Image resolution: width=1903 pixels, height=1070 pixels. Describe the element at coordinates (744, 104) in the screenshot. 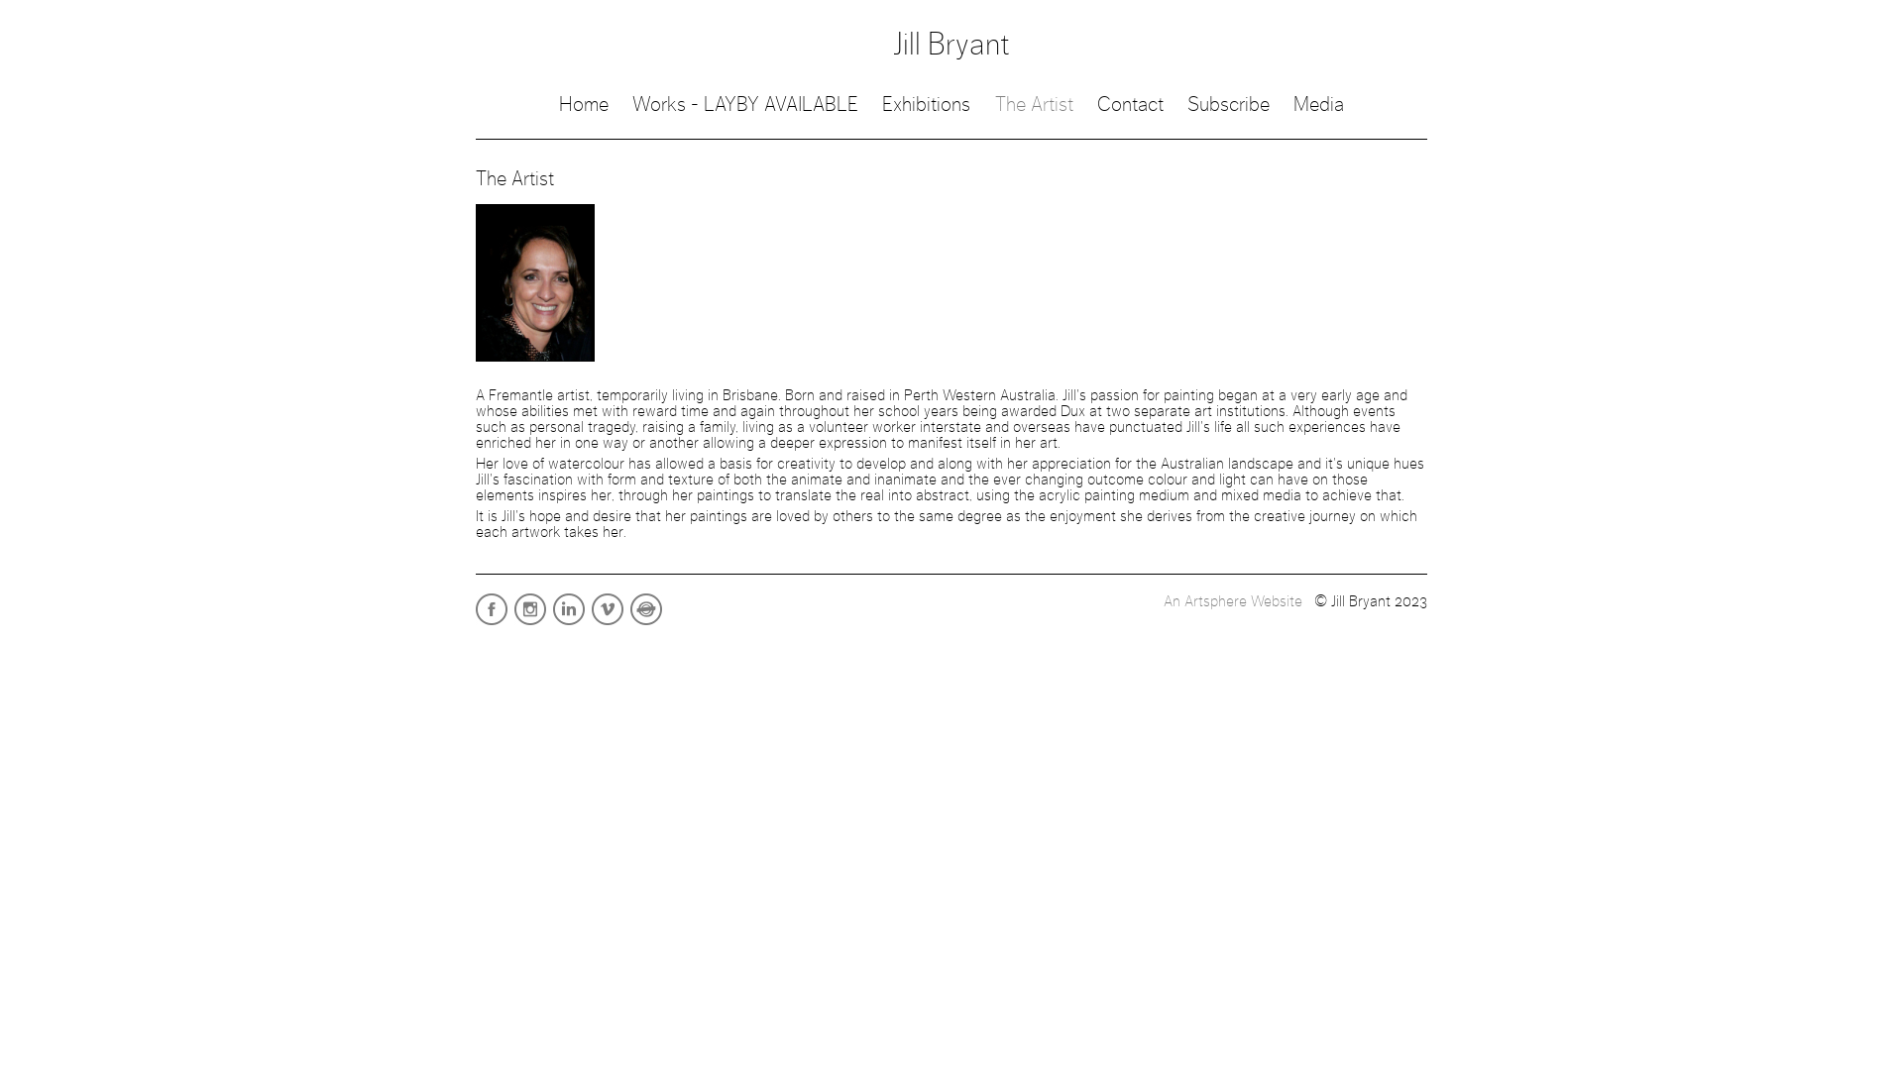

I see `'Works - LAYBY AVAILABLE'` at that location.